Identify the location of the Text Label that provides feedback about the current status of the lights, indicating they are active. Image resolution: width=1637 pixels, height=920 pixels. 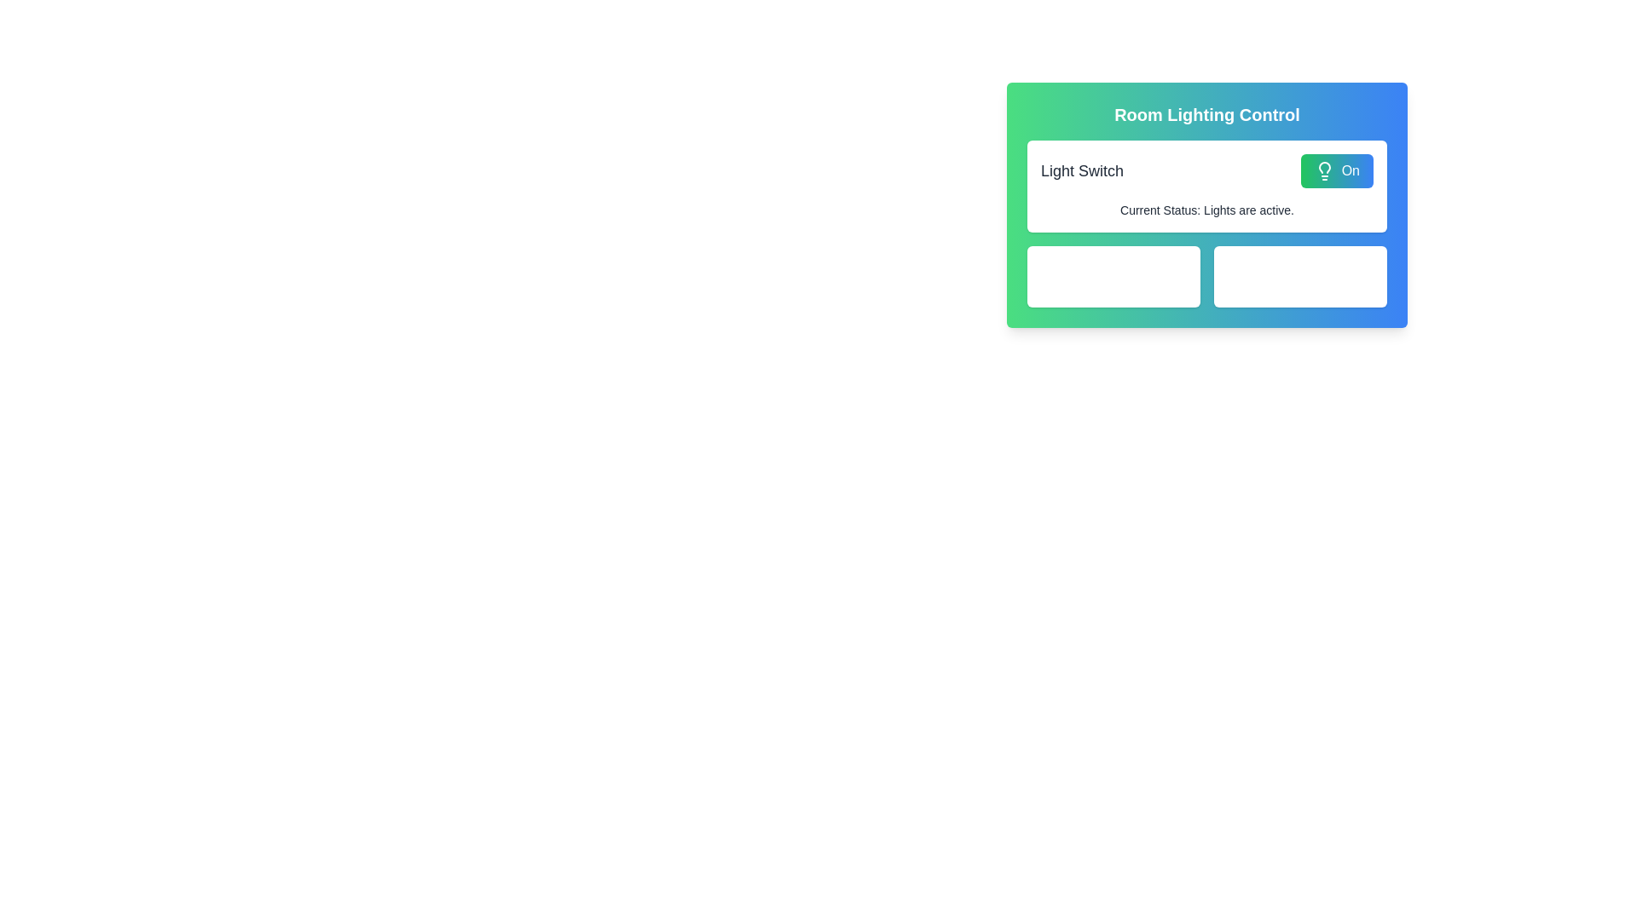
(1206, 209).